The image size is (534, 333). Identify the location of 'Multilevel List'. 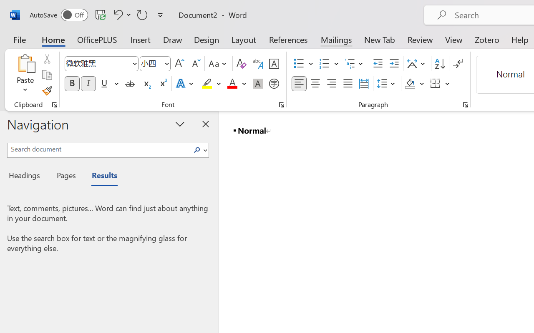
(355, 64).